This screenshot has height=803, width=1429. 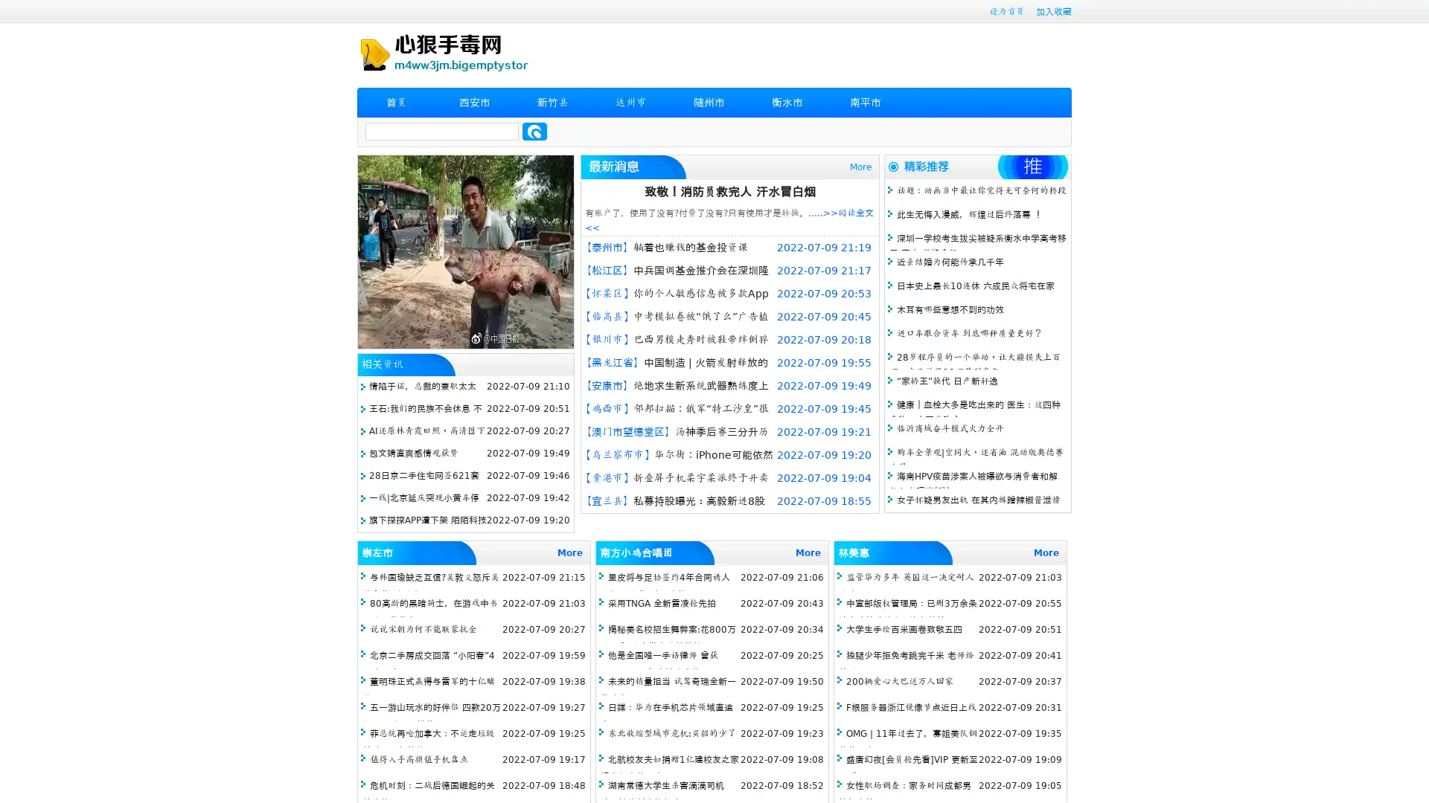 I want to click on Search, so click(x=534, y=131).